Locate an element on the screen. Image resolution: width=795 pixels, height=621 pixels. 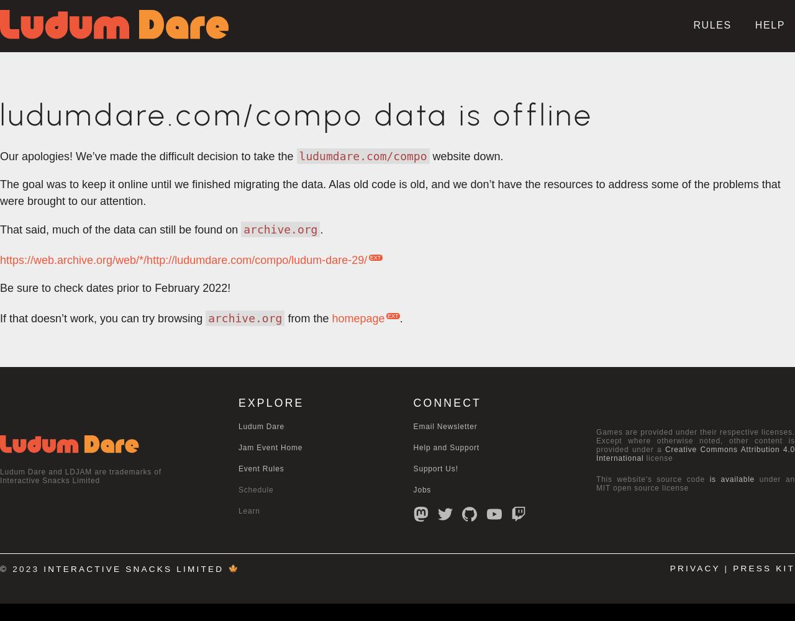
'Our apologies! We’ve made the difficult decision to take the' is located at coordinates (0, 156).